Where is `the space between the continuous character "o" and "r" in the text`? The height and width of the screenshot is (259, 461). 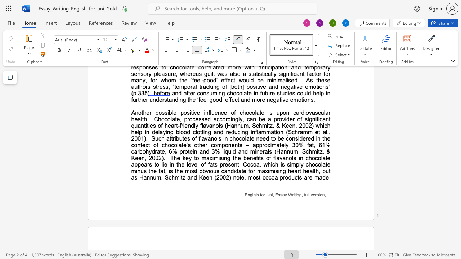
the space between the continuous character "o" and "r" in the text is located at coordinates (263, 195).